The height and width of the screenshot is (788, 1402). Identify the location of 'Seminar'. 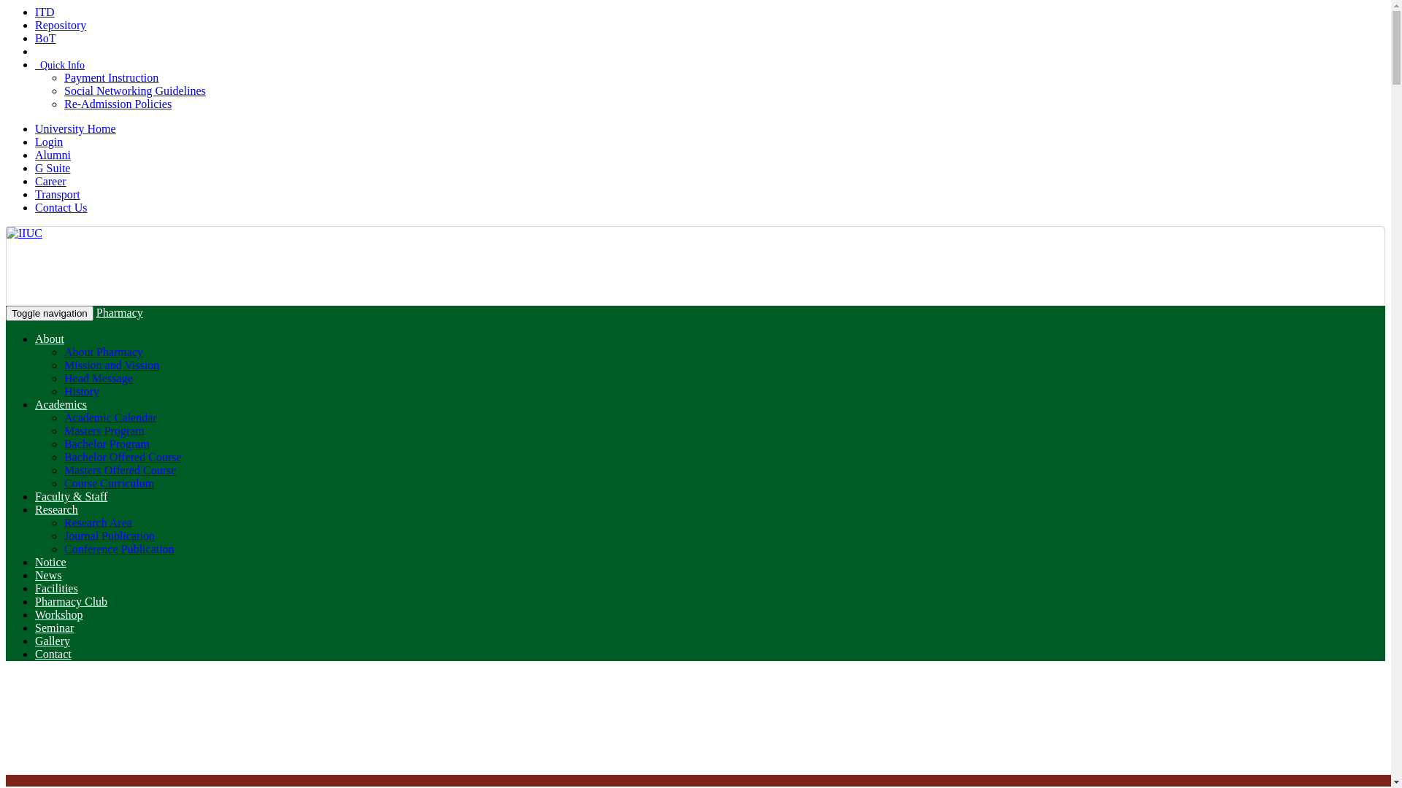
(54, 627).